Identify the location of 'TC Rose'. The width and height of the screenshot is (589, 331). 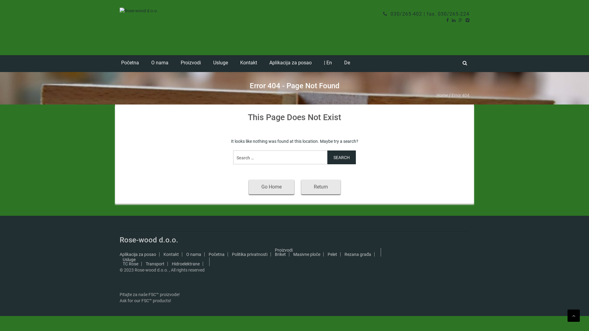
(130, 263).